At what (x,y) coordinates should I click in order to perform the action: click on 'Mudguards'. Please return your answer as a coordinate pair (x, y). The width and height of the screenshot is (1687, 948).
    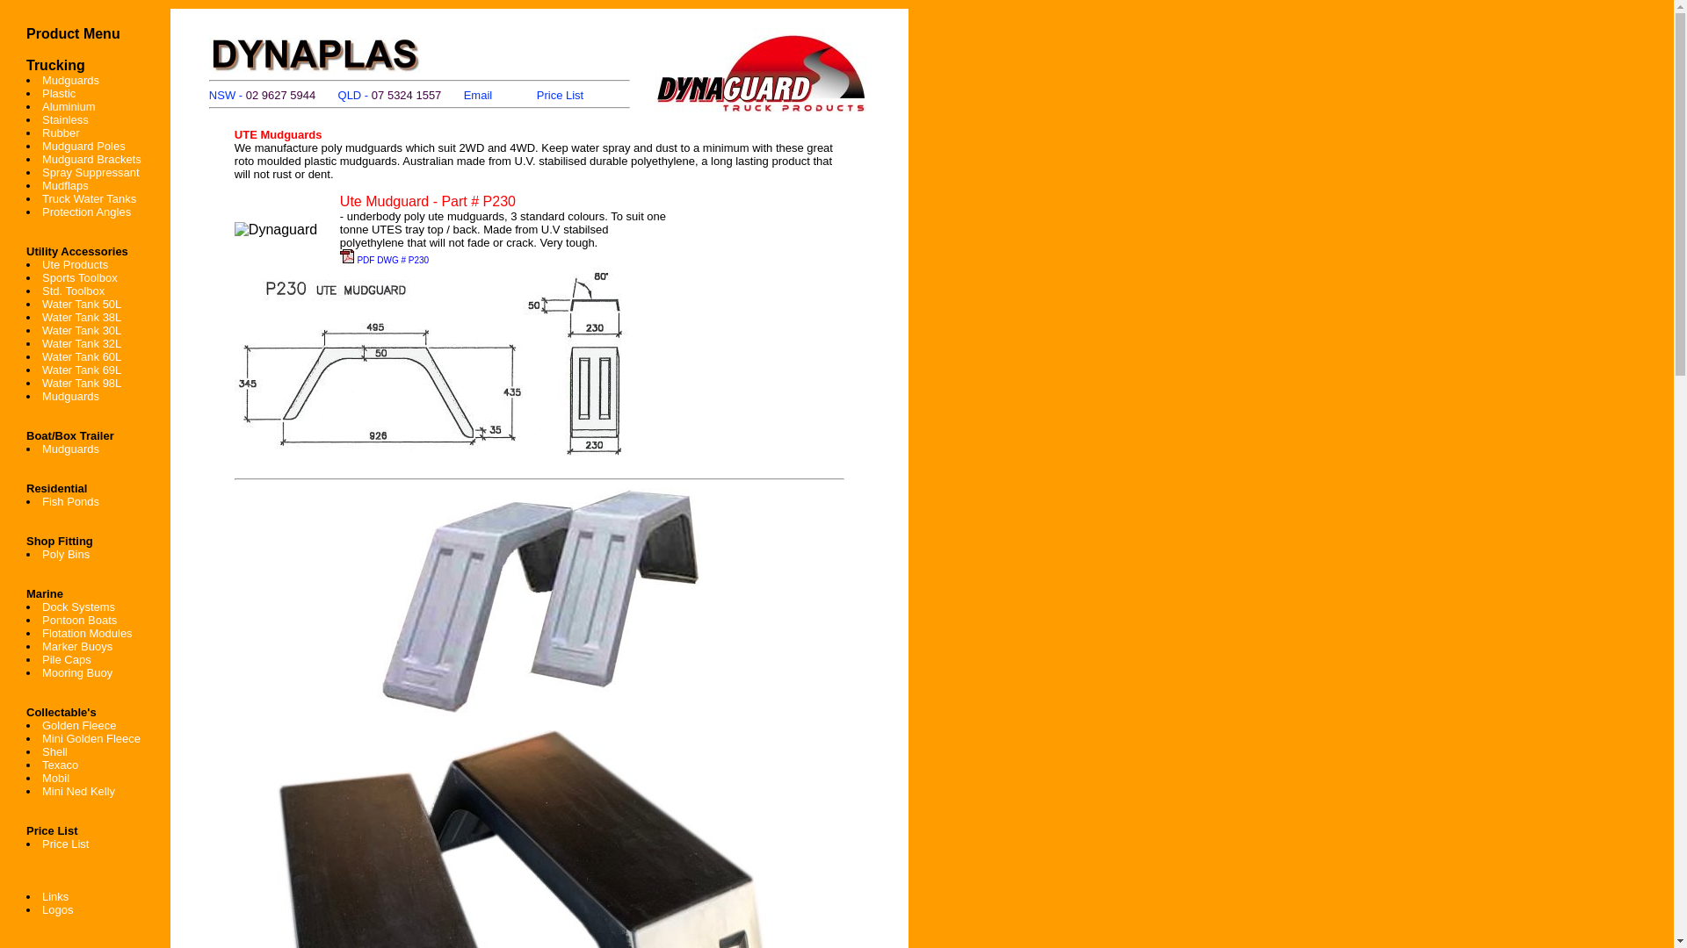
    Looking at the image, I should click on (42, 448).